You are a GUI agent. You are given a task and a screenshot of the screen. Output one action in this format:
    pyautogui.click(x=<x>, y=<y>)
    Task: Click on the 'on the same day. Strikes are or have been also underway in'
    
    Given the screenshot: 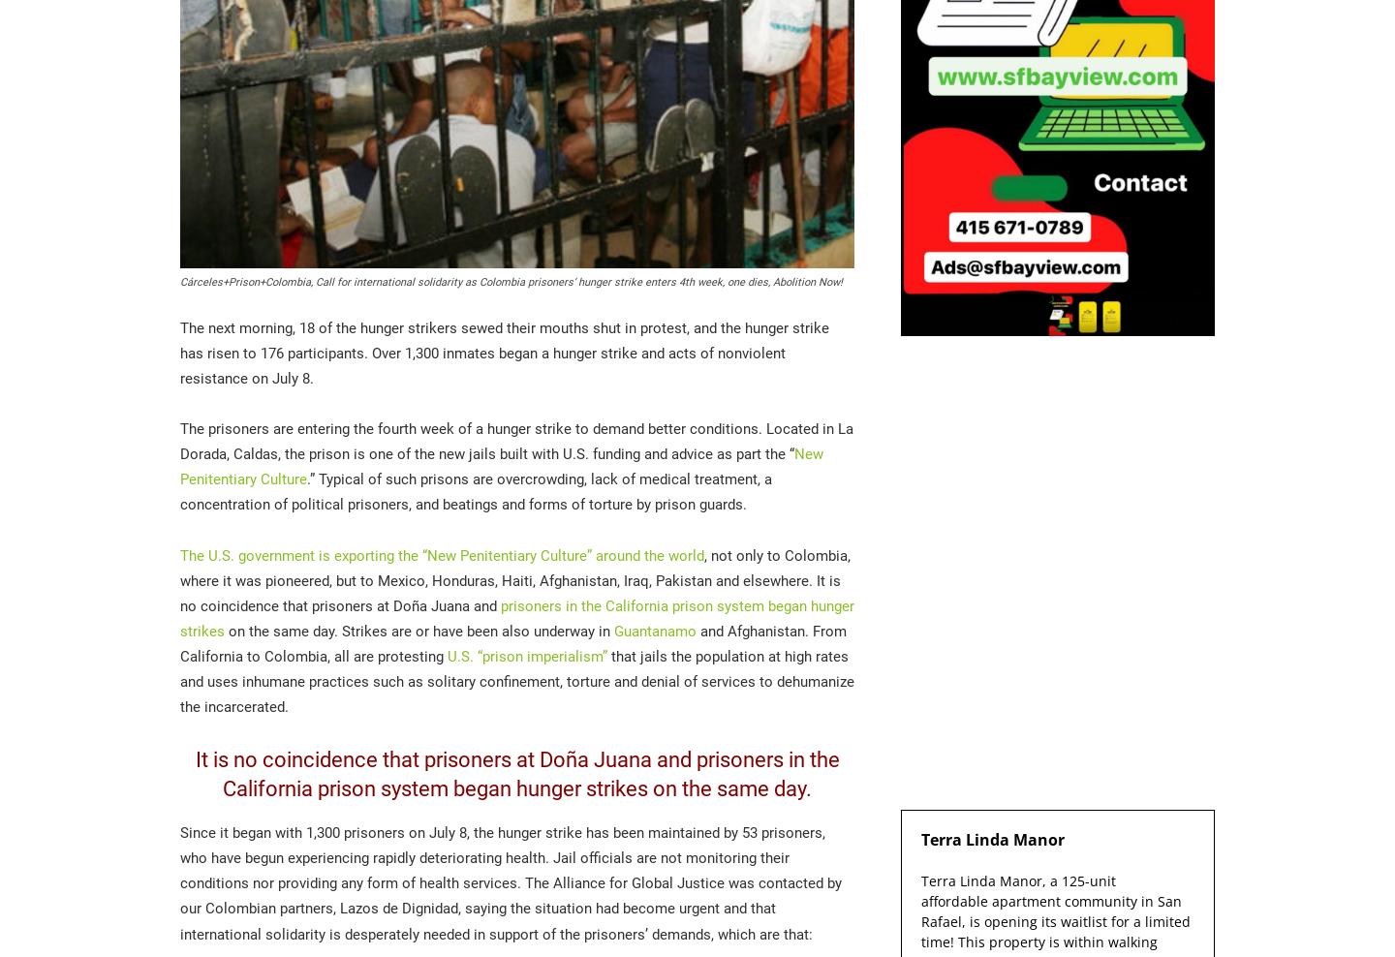 What is the action you would take?
    pyautogui.click(x=419, y=629)
    